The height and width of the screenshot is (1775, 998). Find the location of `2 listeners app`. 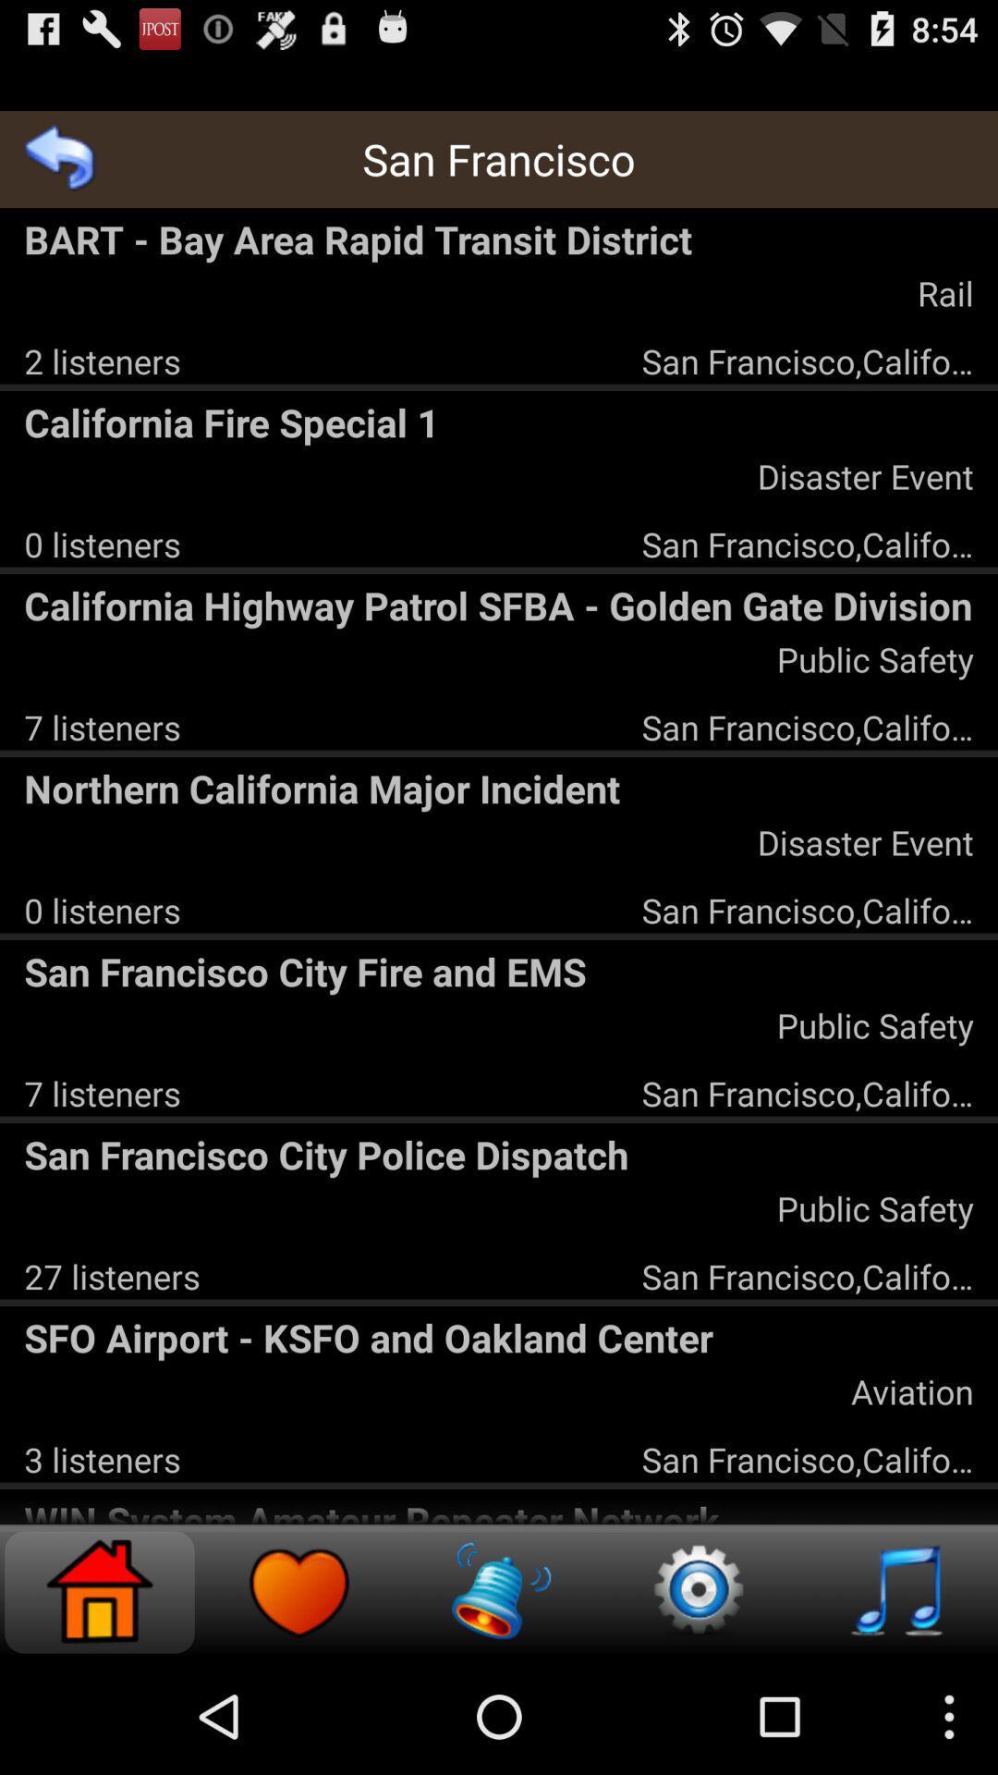

2 listeners app is located at coordinates (103, 361).